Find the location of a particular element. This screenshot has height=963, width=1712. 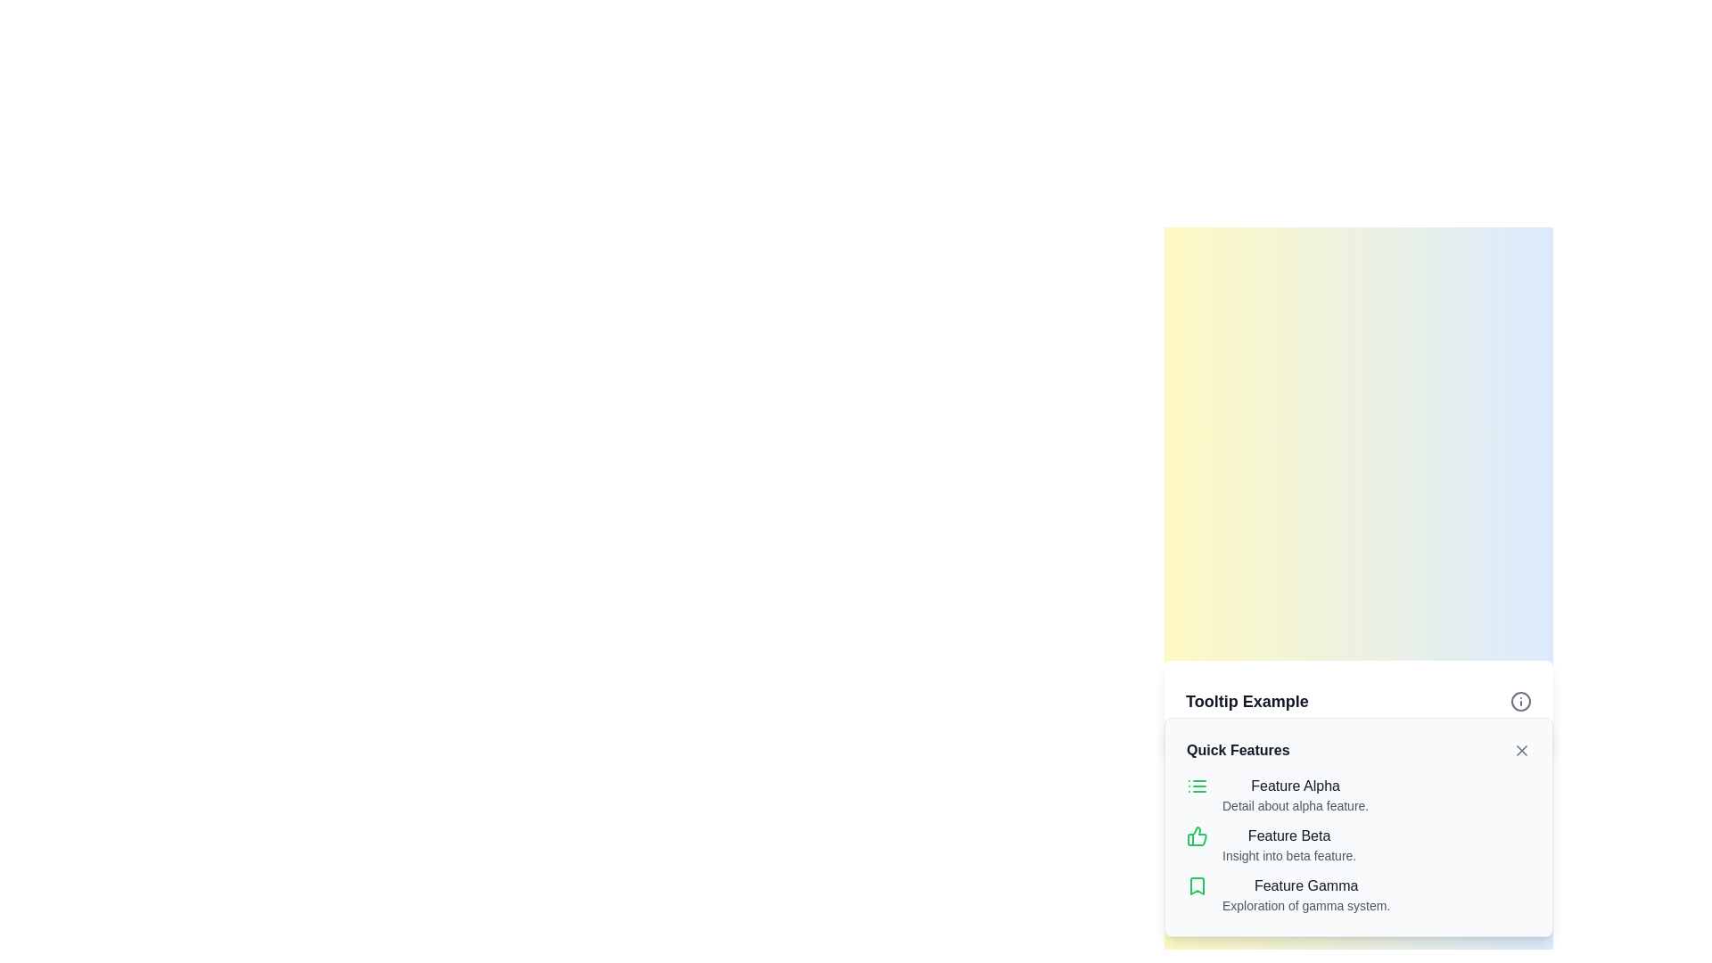

the green bookmark icon located in the Quick Features section next to the 'Feature Gamma' label is located at coordinates (1198, 886).